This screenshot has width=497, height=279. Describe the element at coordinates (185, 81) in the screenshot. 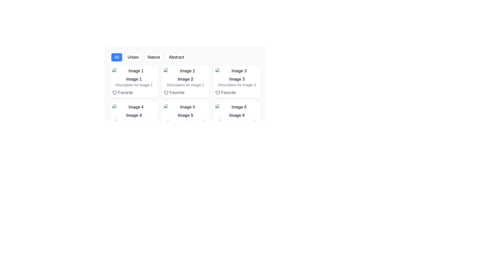

I see `textual description of the card displaying information about 'Image 2' in the second column and first row of the grid layout` at that location.